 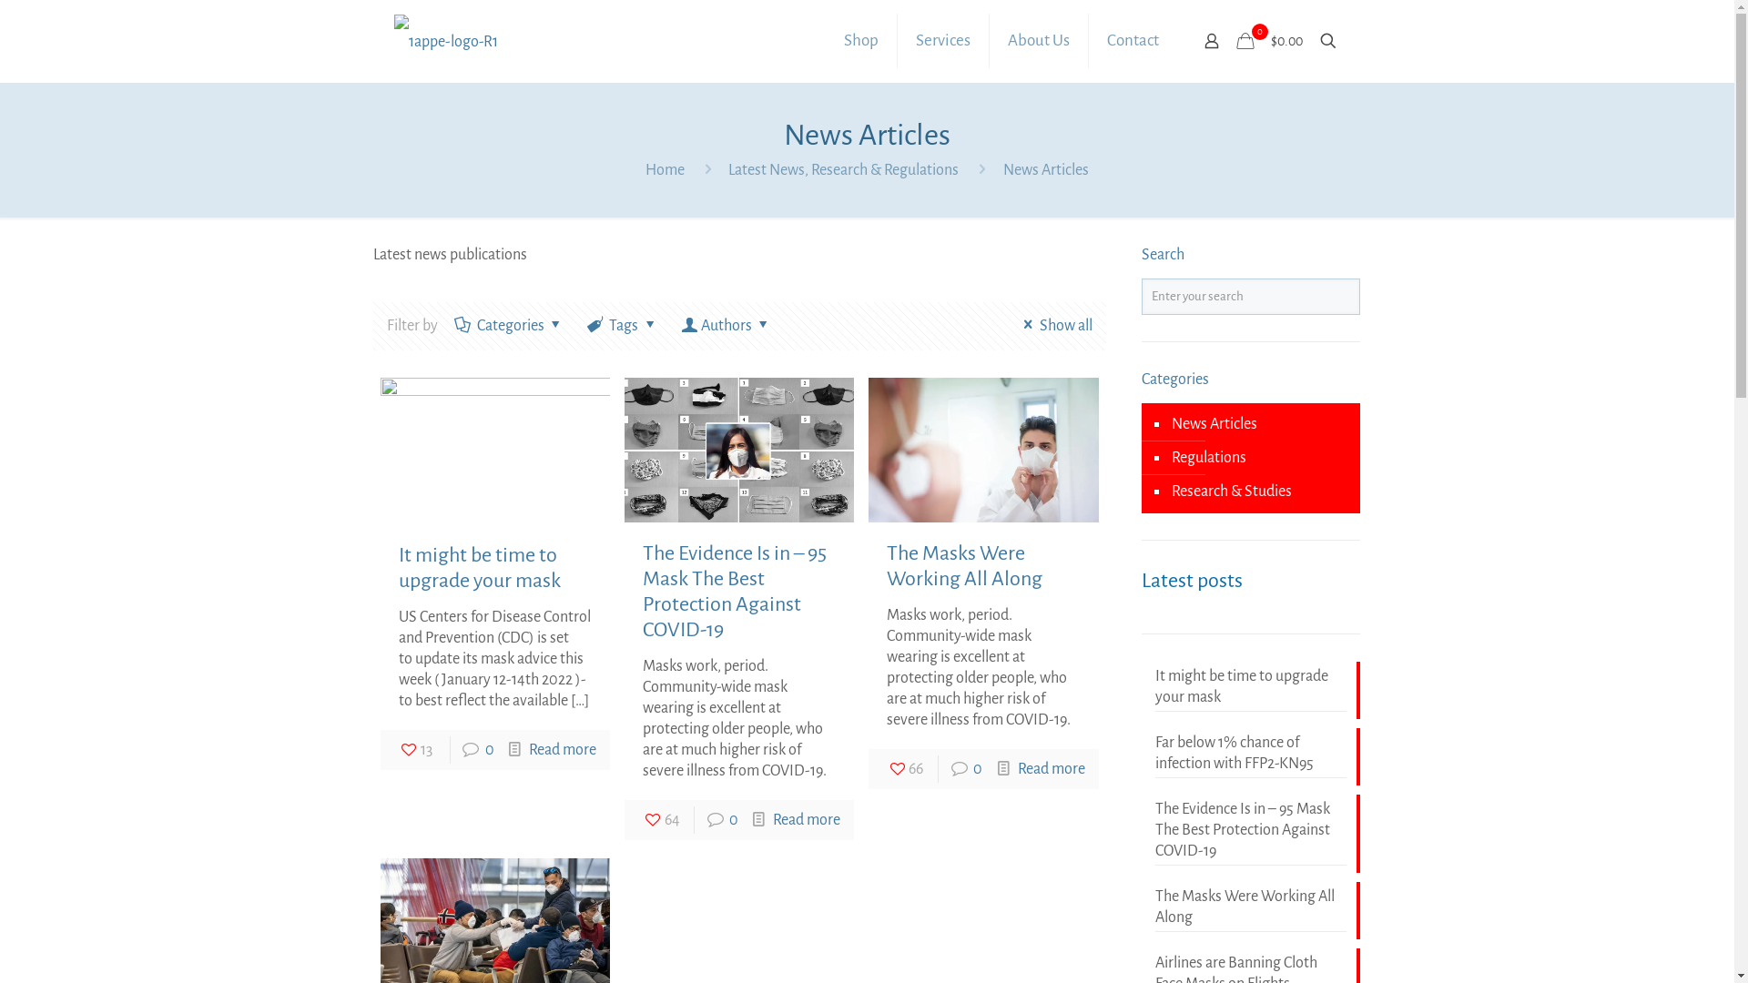 I want to click on '66', so click(x=904, y=768).